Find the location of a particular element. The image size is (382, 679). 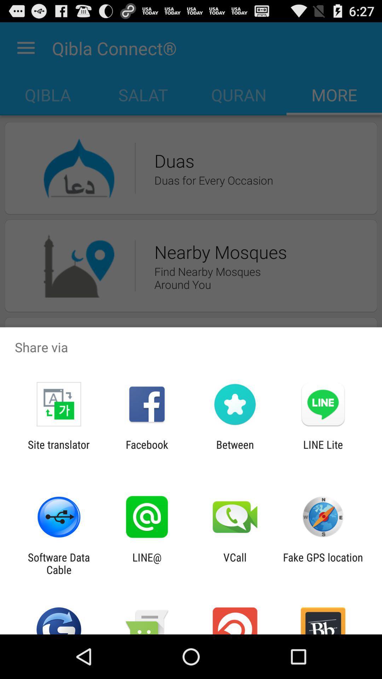

app next to fake gps location is located at coordinates (235, 563).